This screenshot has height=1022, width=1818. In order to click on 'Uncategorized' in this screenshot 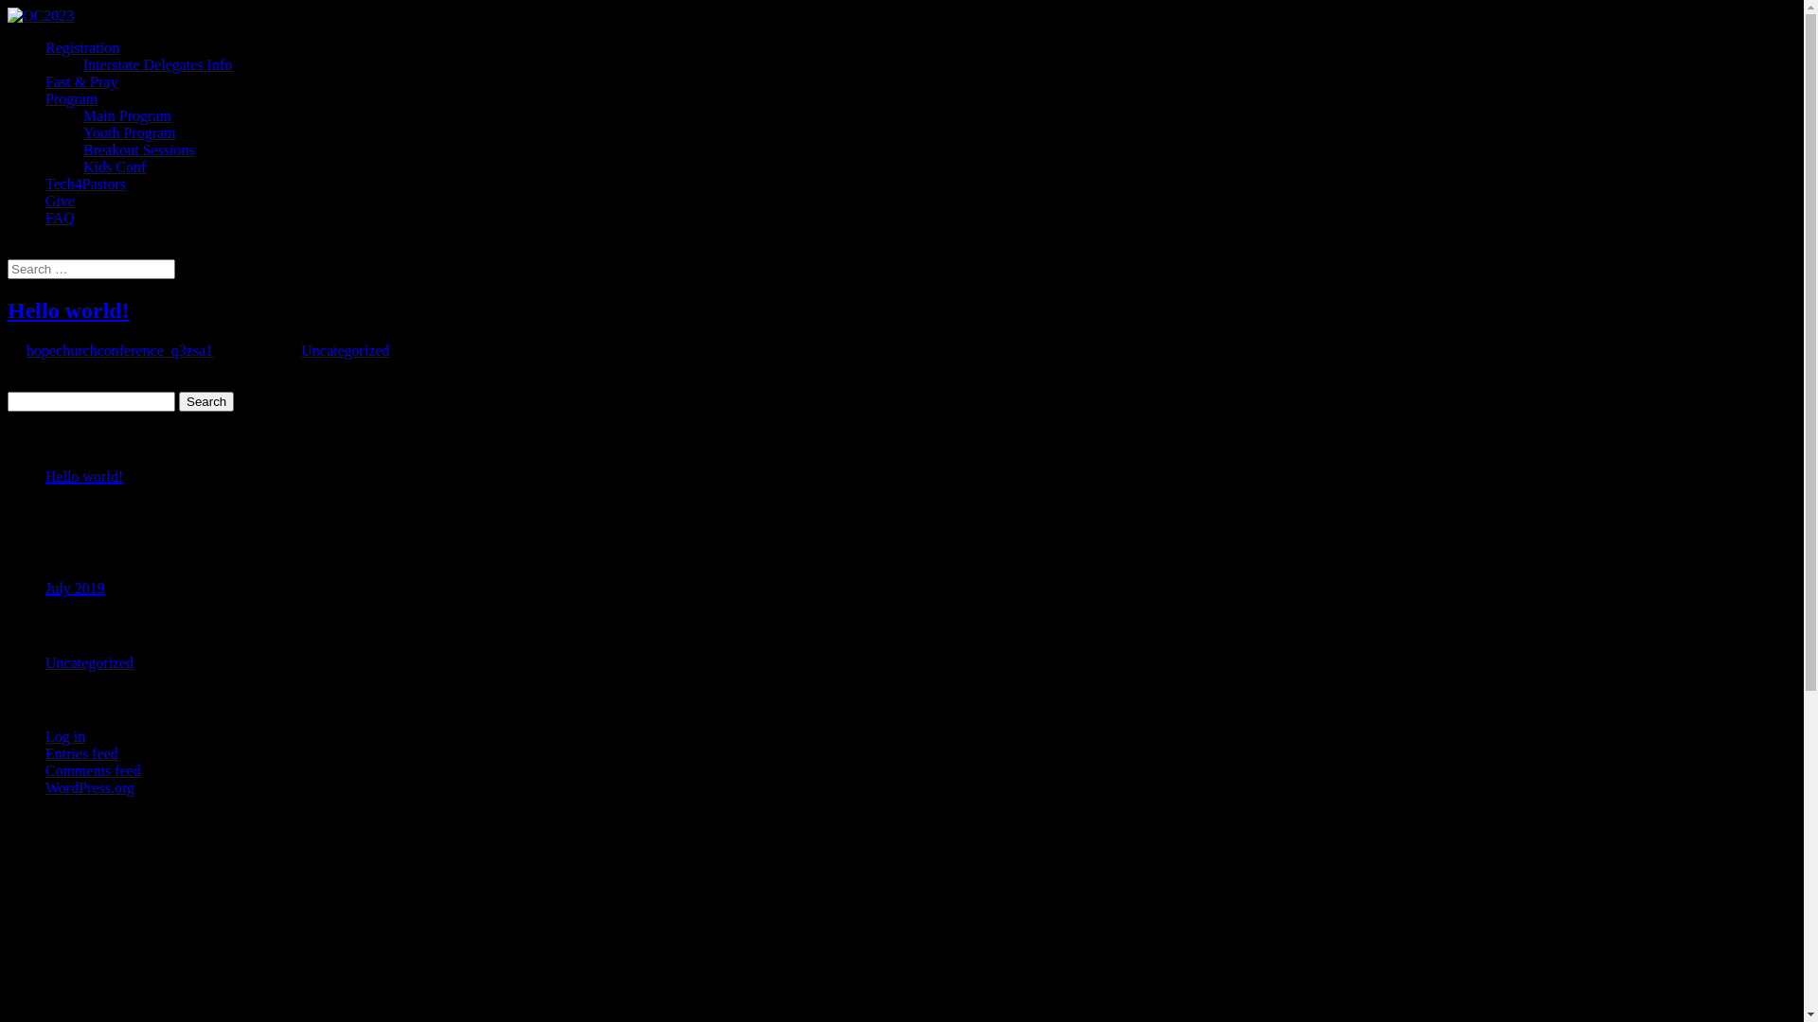, I will do `click(88, 661)`.